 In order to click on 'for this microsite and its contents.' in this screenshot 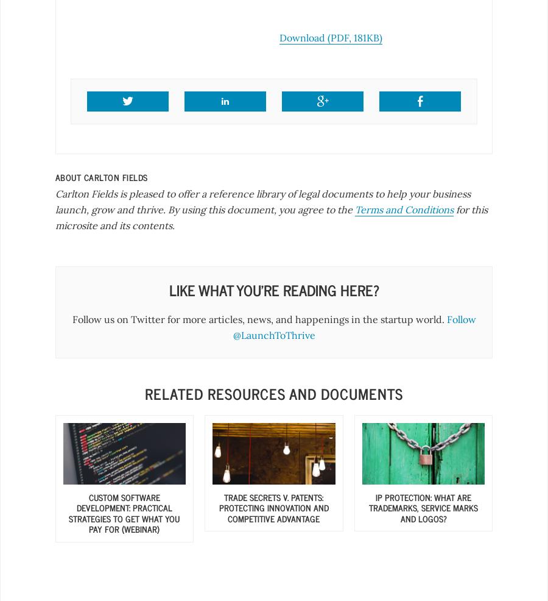, I will do `click(270, 217)`.